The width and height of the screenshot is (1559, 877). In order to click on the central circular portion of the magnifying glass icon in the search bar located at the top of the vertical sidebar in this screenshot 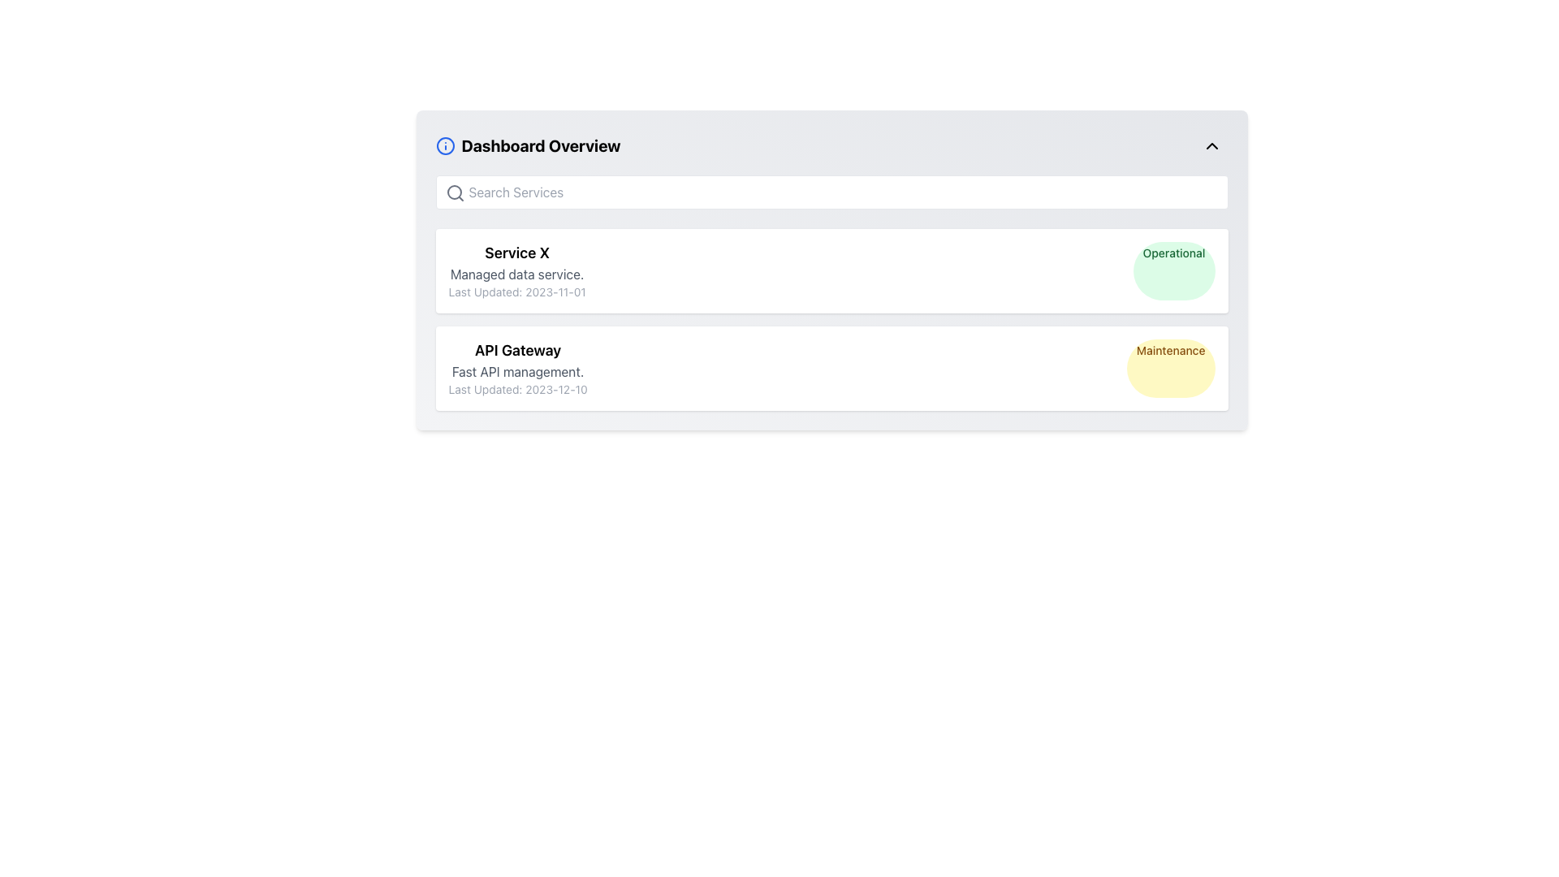, I will do `click(454, 191)`.